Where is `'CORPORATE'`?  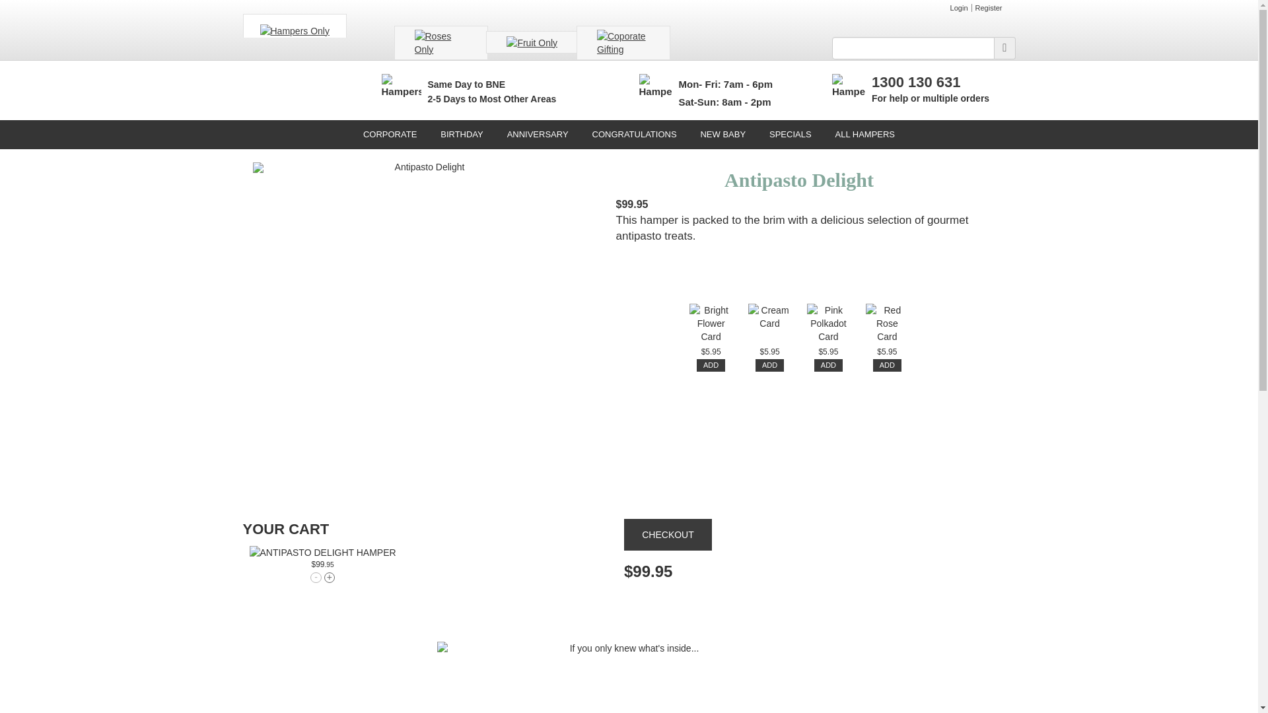
'CORPORATE' is located at coordinates (389, 135).